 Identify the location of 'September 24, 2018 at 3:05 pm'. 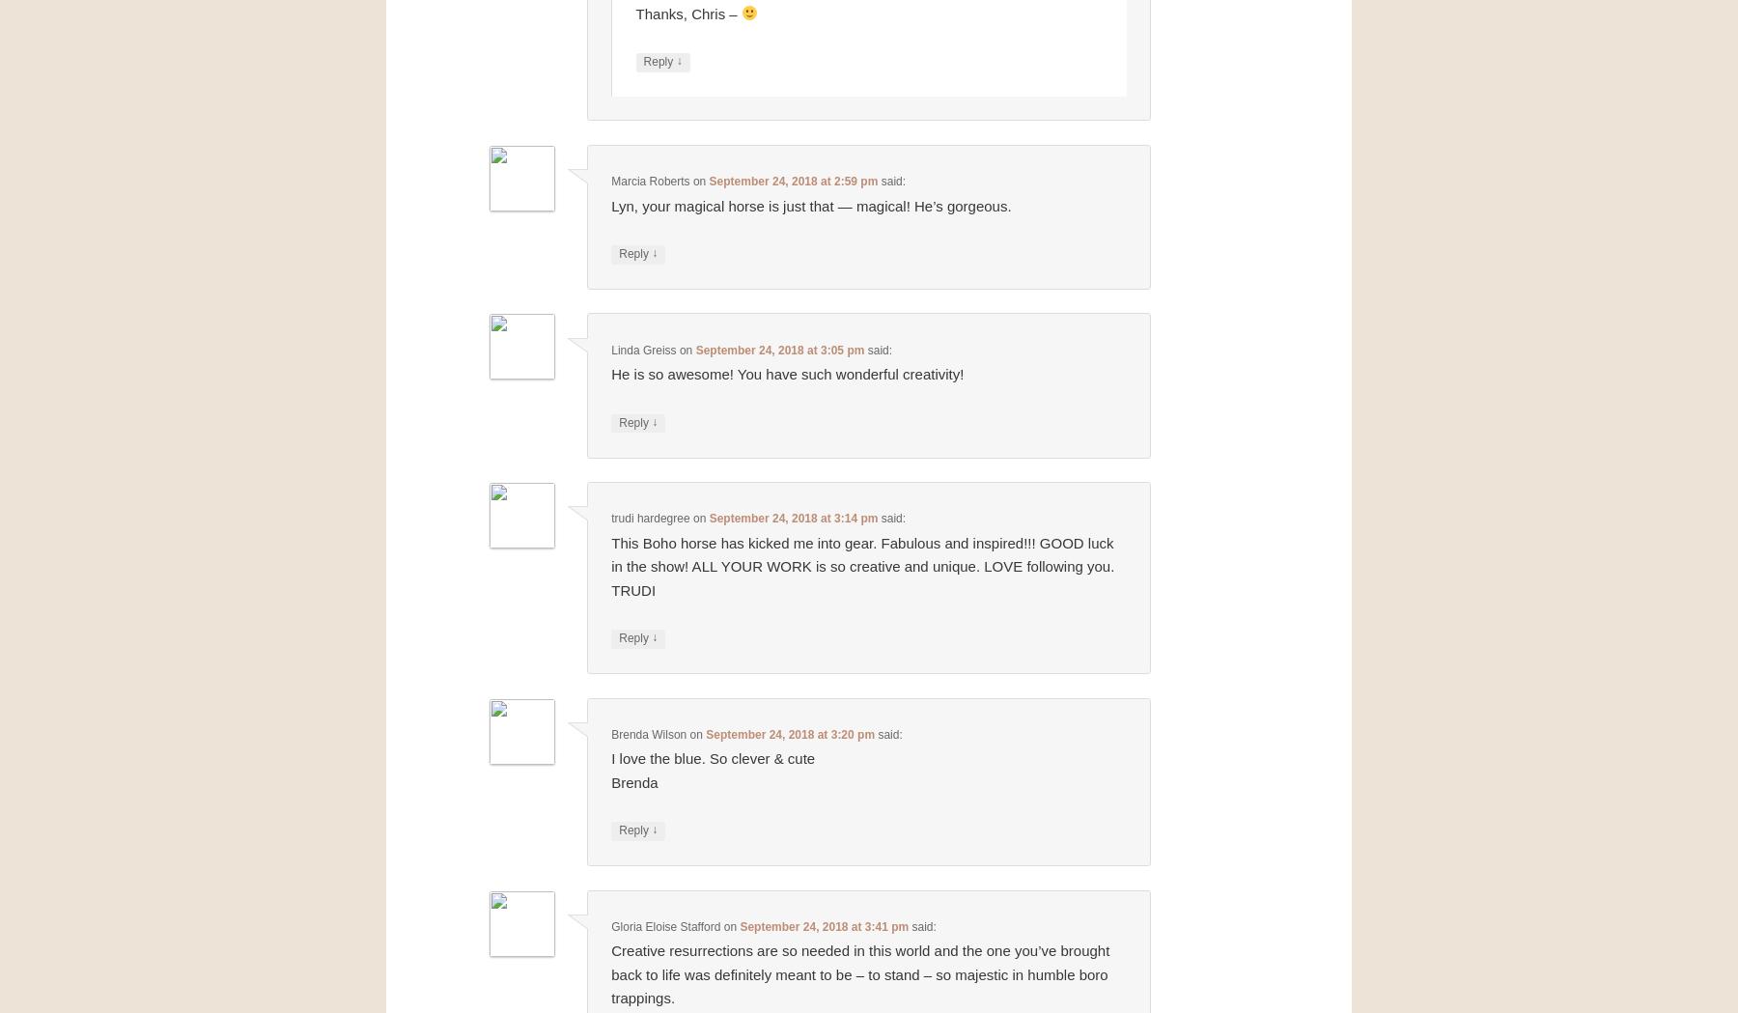
(779, 349).